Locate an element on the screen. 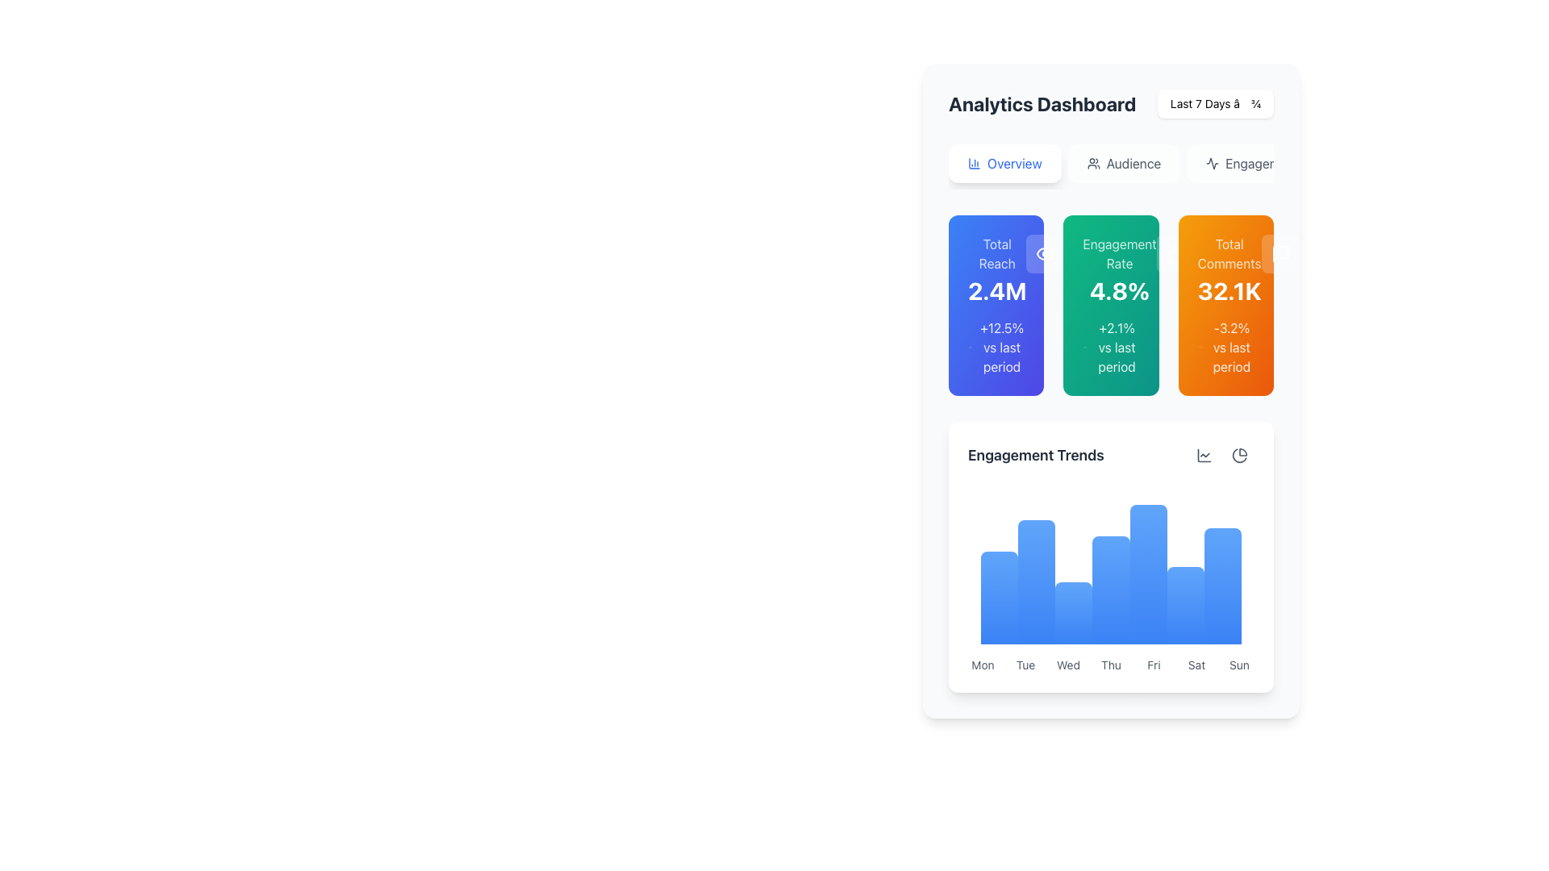  the eye icon button with a rounded rectangular box that has a white semi-transparent background is located at coordinates (1046, 254).